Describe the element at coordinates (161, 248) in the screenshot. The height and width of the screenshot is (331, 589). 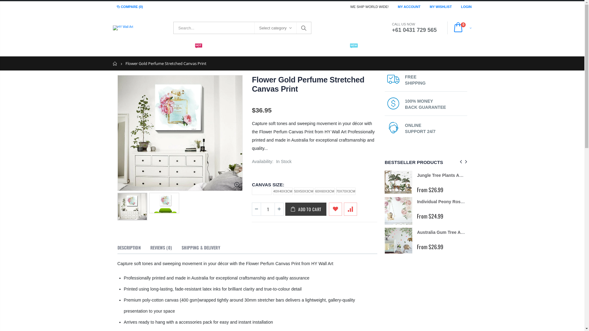
I see `'REVIEWS (0)'` at that location.